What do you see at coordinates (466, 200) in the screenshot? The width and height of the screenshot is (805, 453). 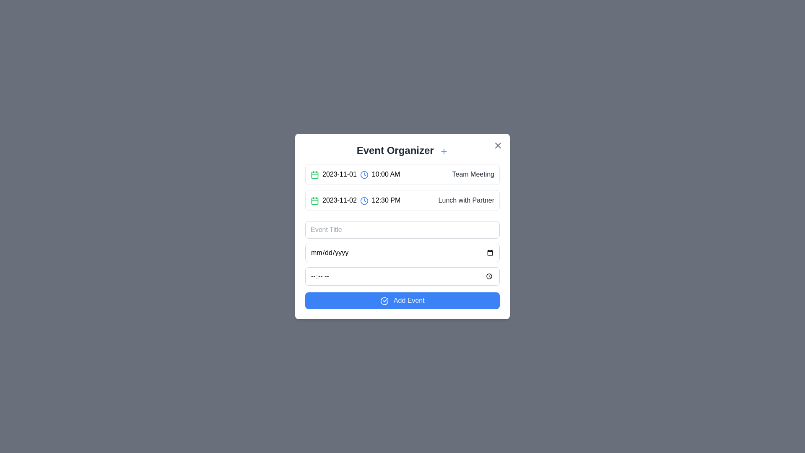 I see `the static text label displaying 'Lunch with Partner' in the Event Organizer dialog box, which is styled with a gray font color and medium weight, located in the second row of events` at bounding box center [466, 200].